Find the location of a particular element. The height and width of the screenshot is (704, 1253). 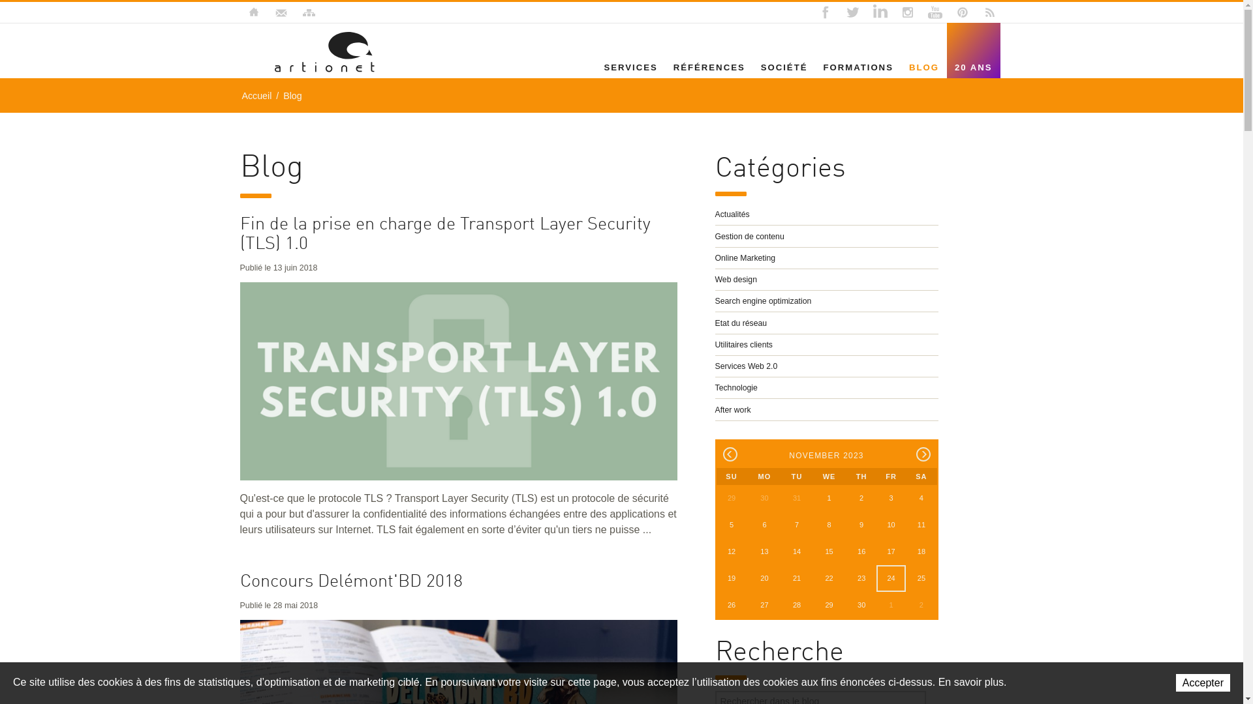

'RSS' is located at coordinates (989, 12).